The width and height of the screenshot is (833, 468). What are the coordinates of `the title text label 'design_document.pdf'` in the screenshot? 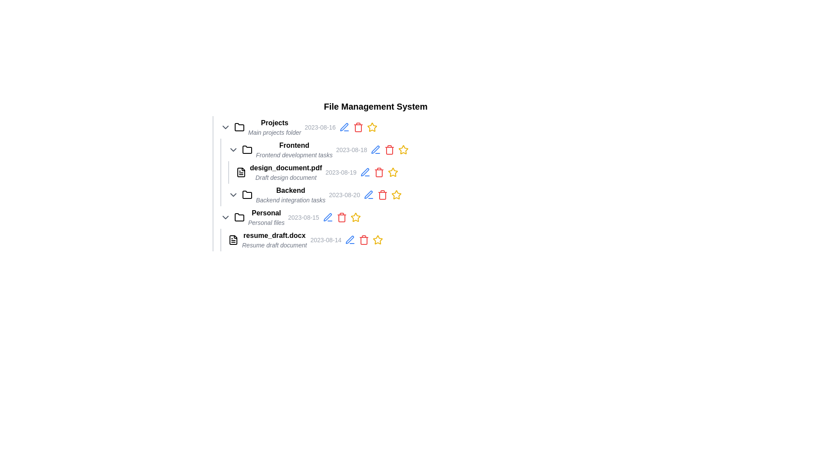 It's located at (286, 168).